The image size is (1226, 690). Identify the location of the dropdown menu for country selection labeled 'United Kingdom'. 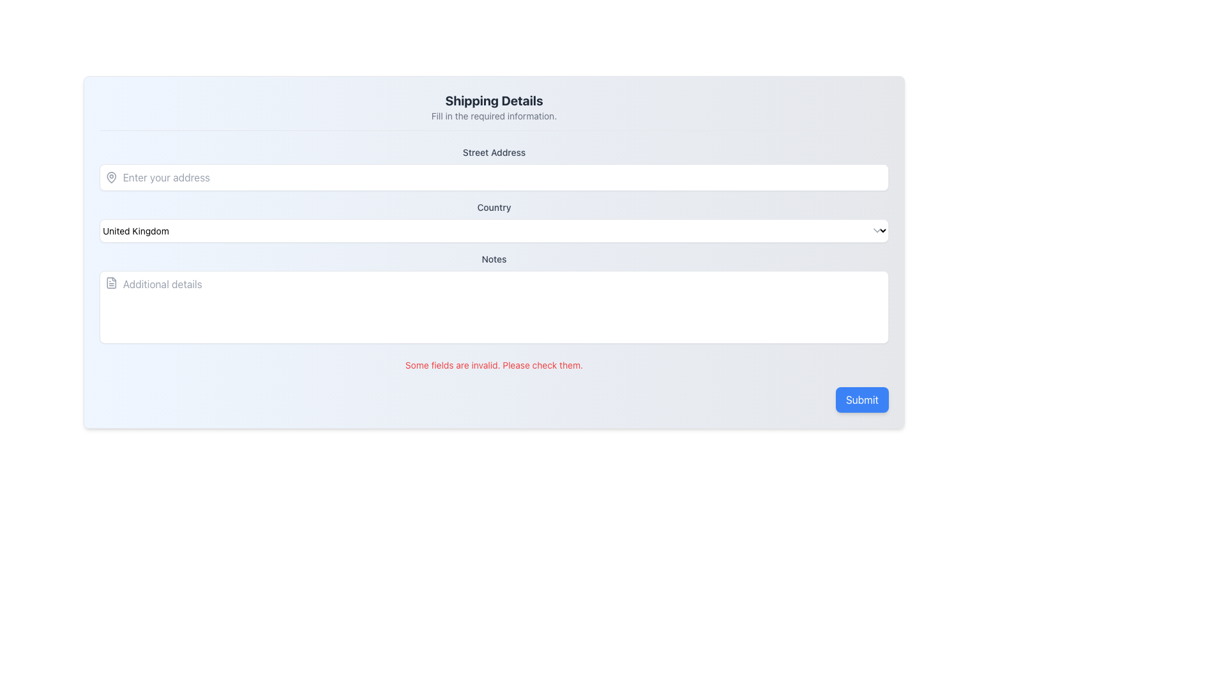
(493, 231).